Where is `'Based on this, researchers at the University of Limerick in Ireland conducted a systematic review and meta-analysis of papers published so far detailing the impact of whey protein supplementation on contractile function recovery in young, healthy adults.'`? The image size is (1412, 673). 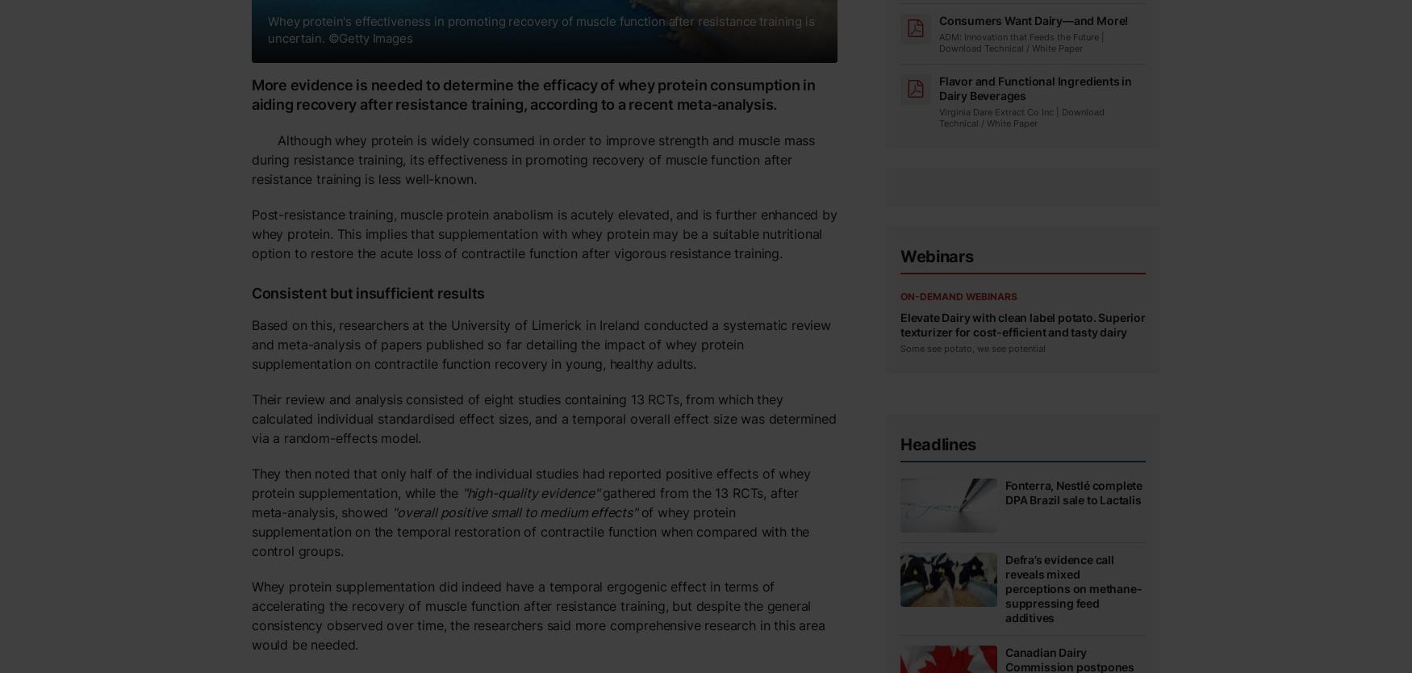
'Based on this, researchers at the University of Limerick in Ireland conducted a systematic review and meta-analysis of papers published so far detailing the impact of whey protein supplementation on contractile function recovery in young, healthy adults.' is located at coordinates (540, 345).